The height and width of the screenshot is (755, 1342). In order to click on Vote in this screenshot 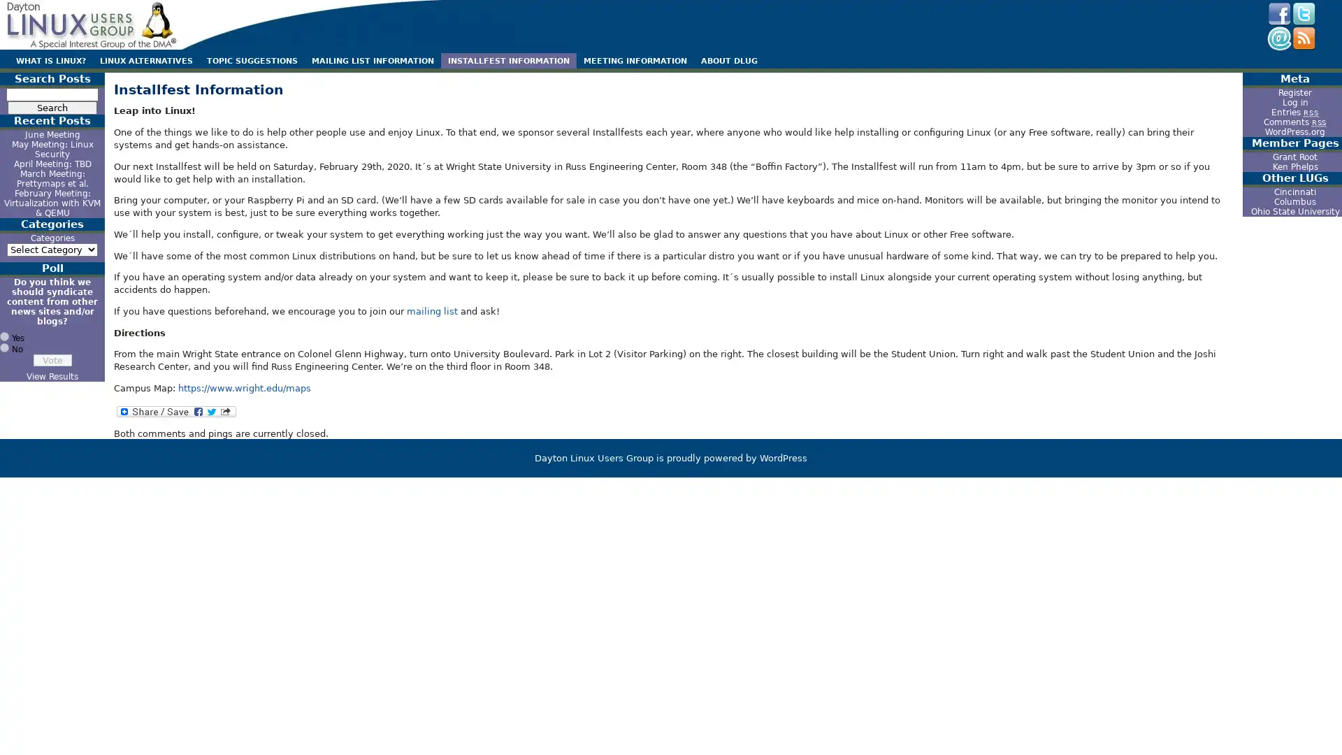, I will do `click(52, 359)`.